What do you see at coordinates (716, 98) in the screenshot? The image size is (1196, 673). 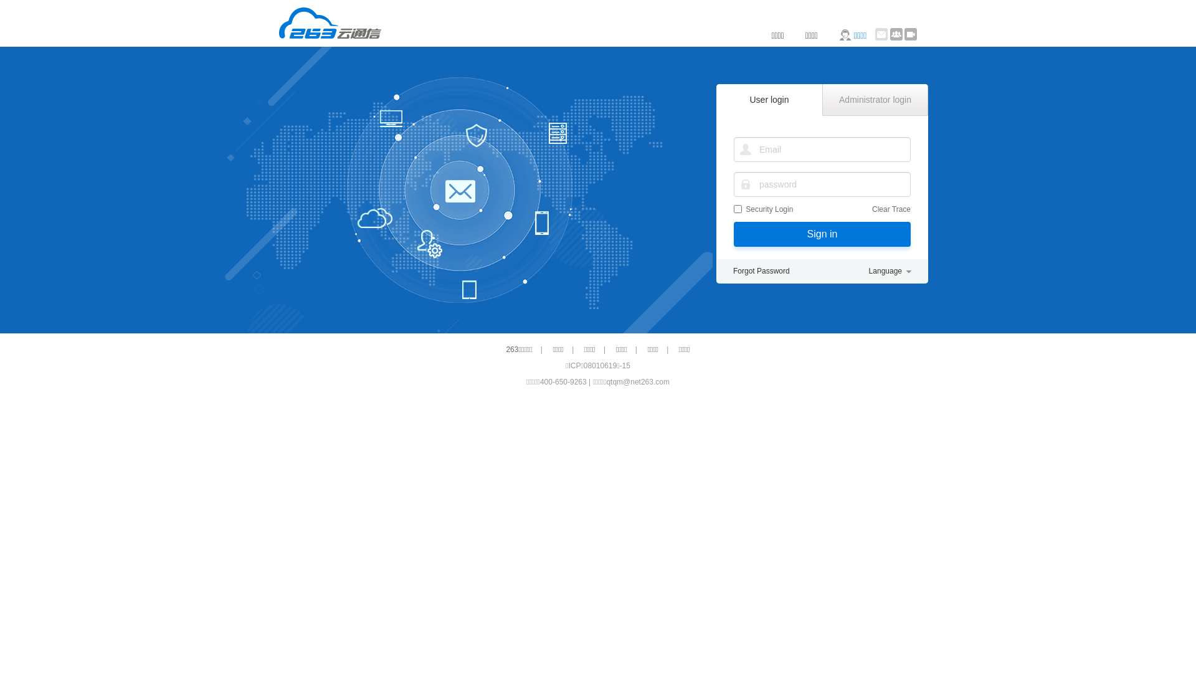 I see `'User login'` at bounding box center [716, 98].